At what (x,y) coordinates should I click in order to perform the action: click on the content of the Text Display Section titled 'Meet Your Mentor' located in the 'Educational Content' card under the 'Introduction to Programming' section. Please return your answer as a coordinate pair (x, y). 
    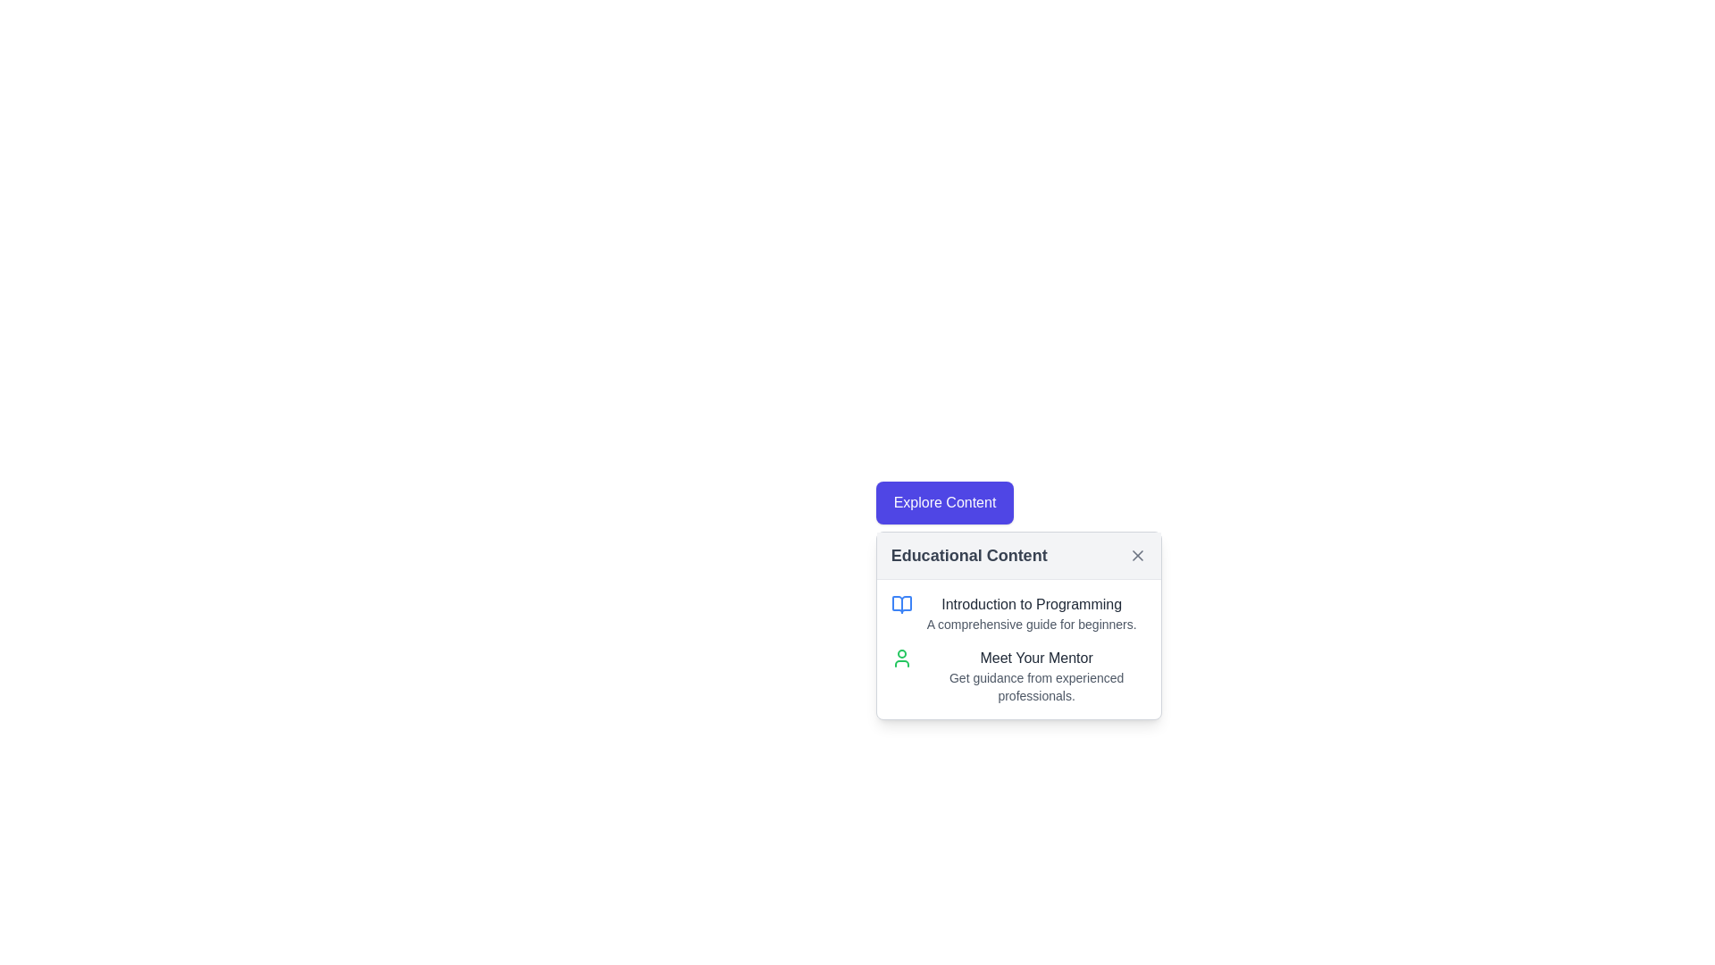
    Looking at the image, I should click on (1036, 675).